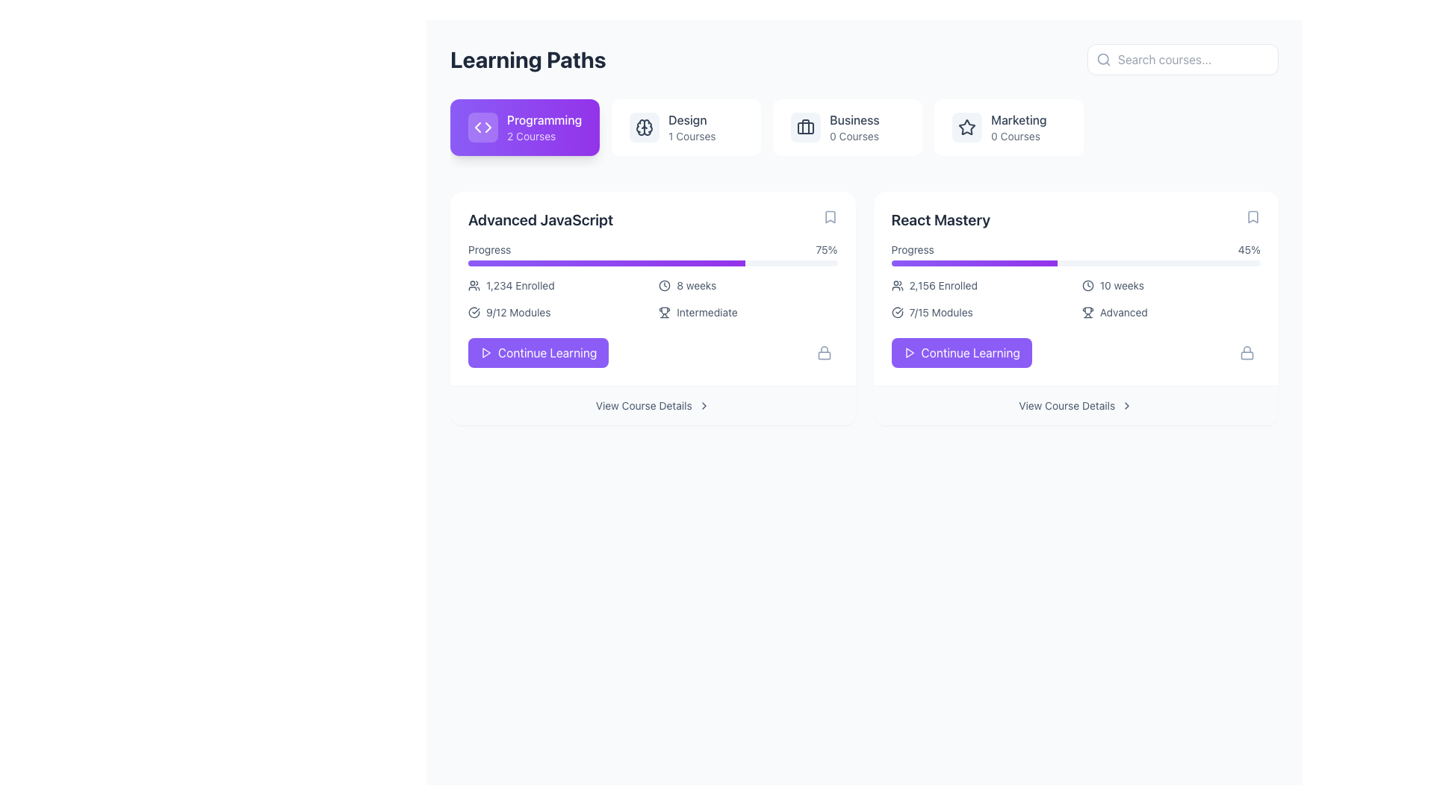  What do you see at coordinates (823, 355) in the screenshot?
I see `lower part of the lock icon, which is a decorative SVG element styled with rounded corners located at the bottom-right corner of the 'Advanced JavaScript' course card` at bounding box center [823, 355].